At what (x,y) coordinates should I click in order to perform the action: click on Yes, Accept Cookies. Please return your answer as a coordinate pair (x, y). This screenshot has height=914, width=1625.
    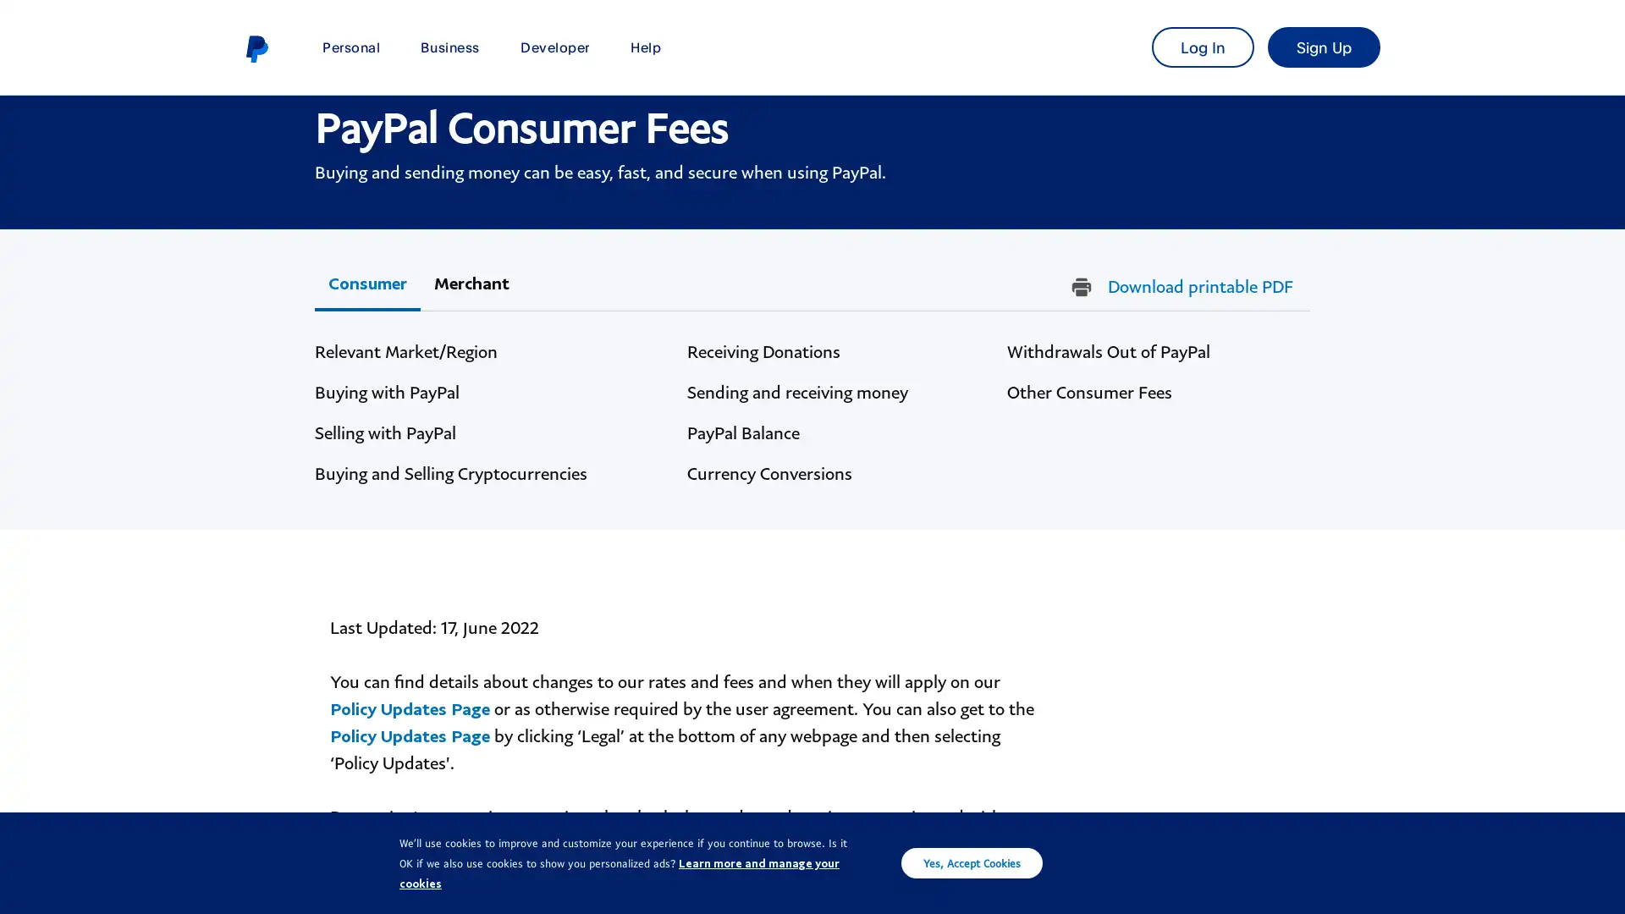
    Looking at the image, I should click on (972, 862).